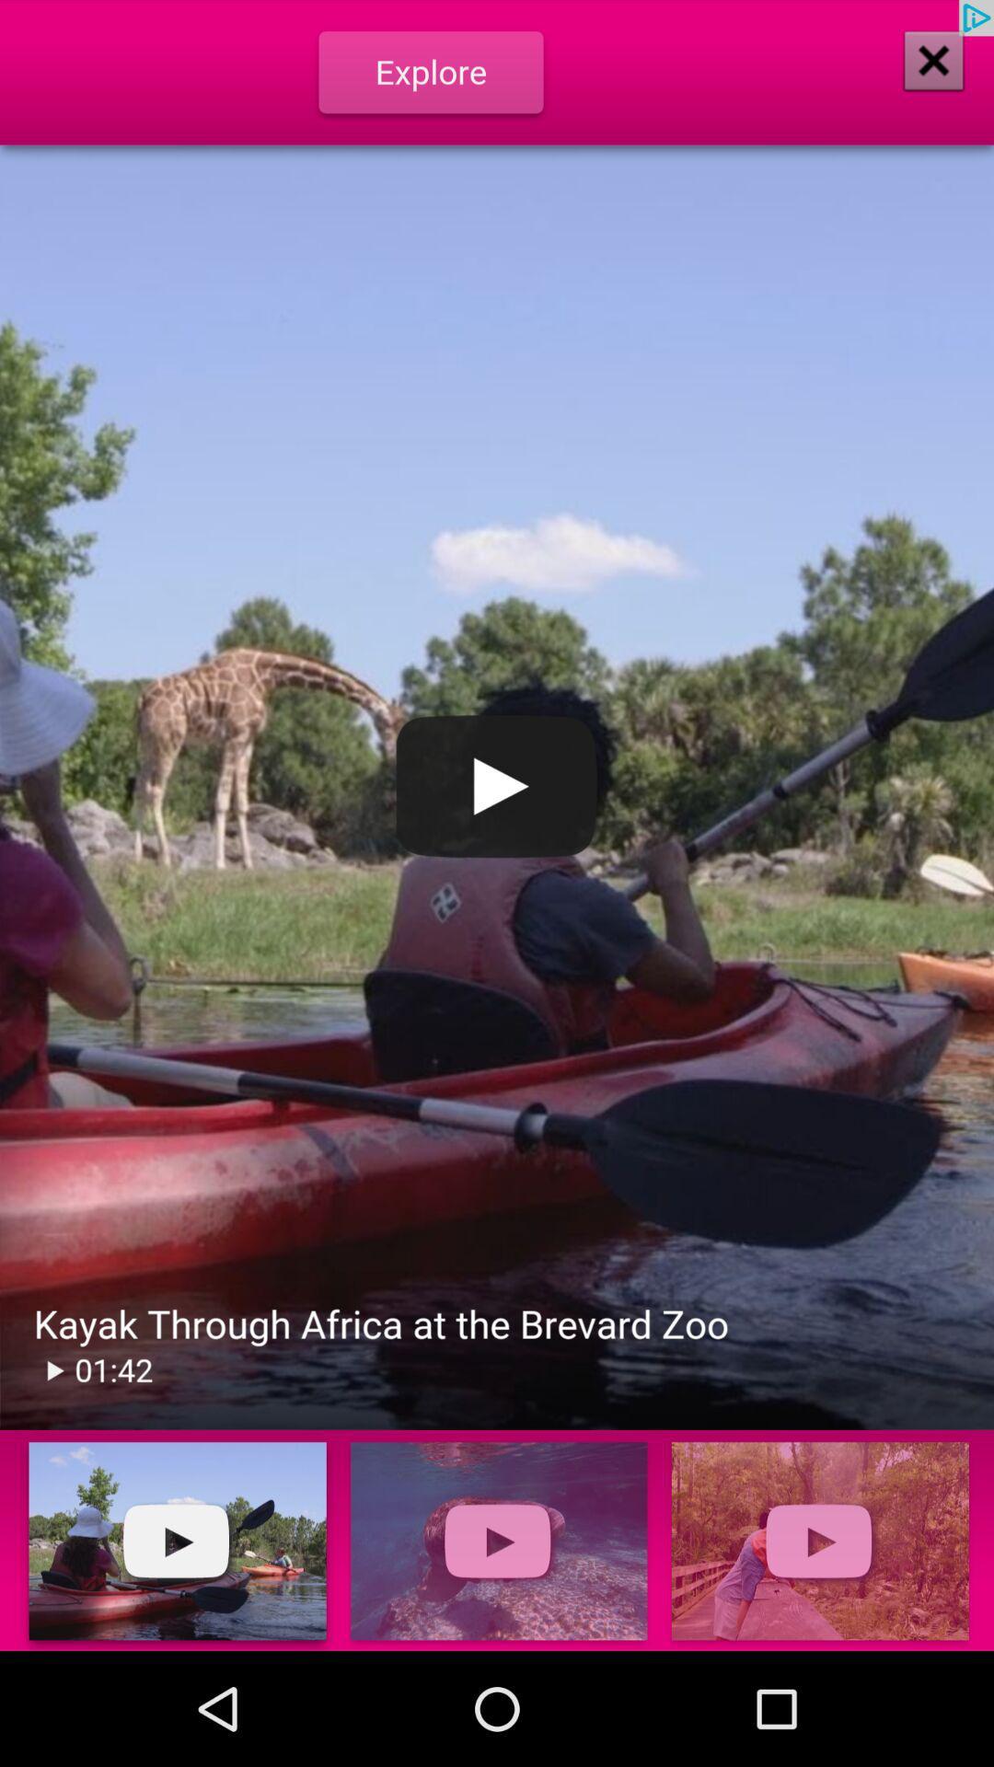 Image resolution: width=994 pixels, height=1767 pixels. Describe the element at coordinates (933, 64) in the screenshot. I see `the close icon` at that location.